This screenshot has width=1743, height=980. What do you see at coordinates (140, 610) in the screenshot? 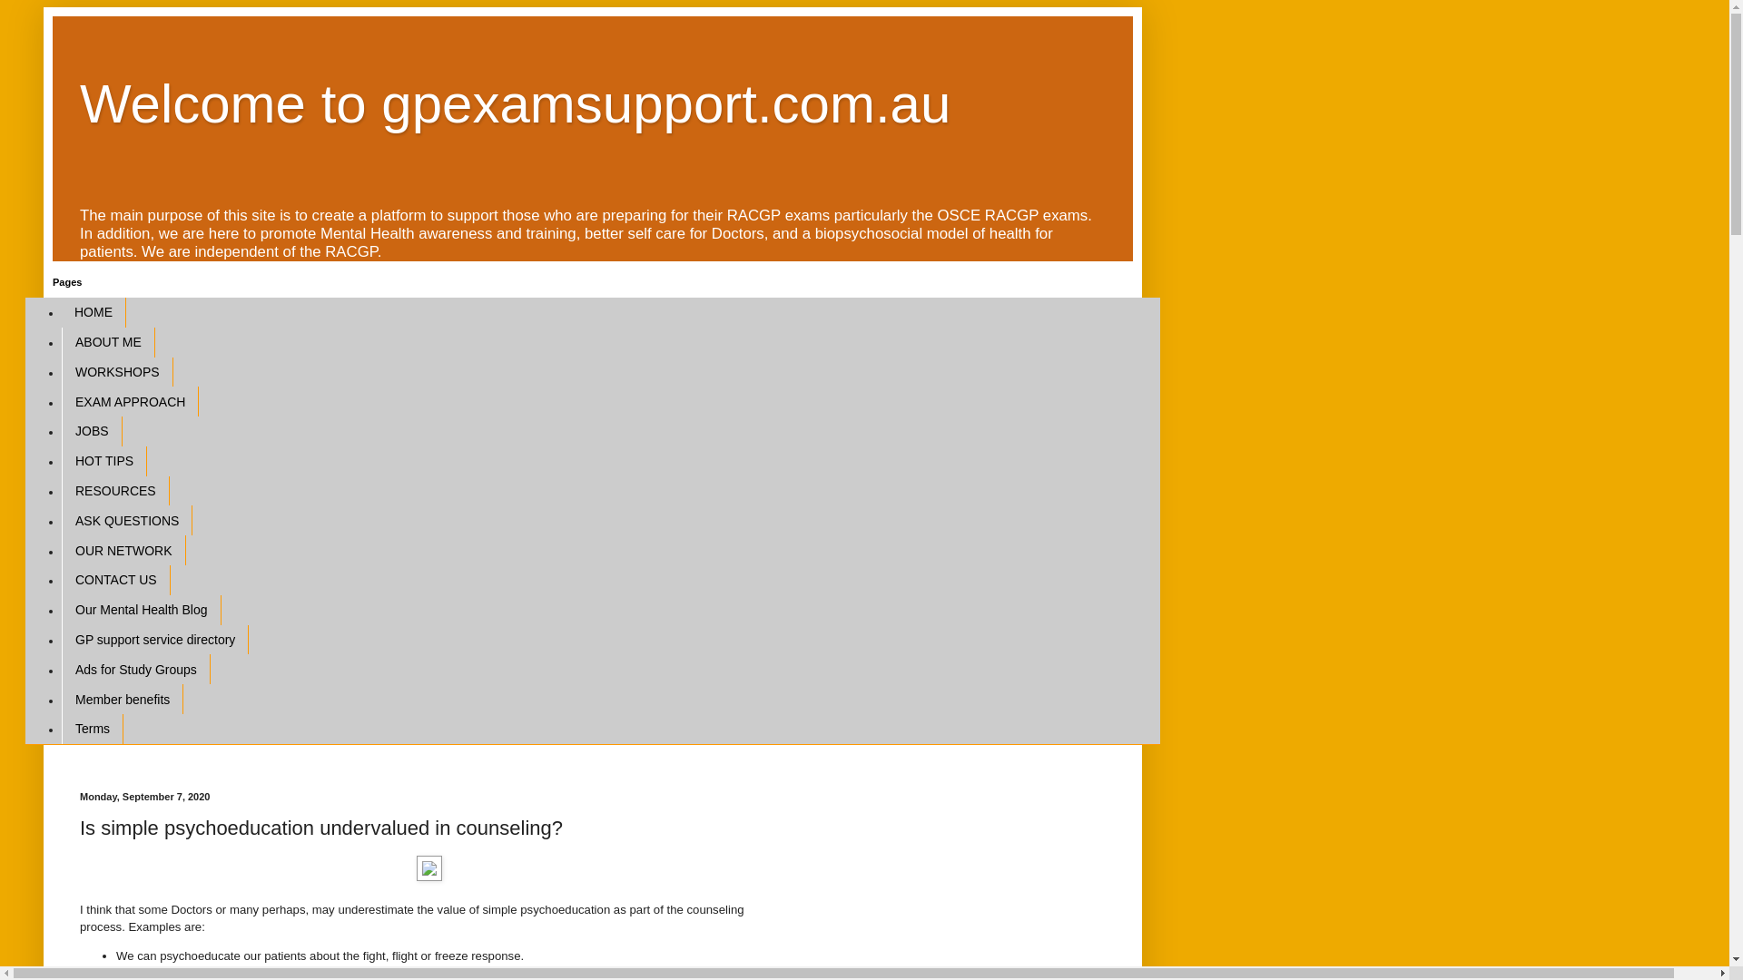
I see `'Our Mental Health Blog'` at bounding box center [140, 610].